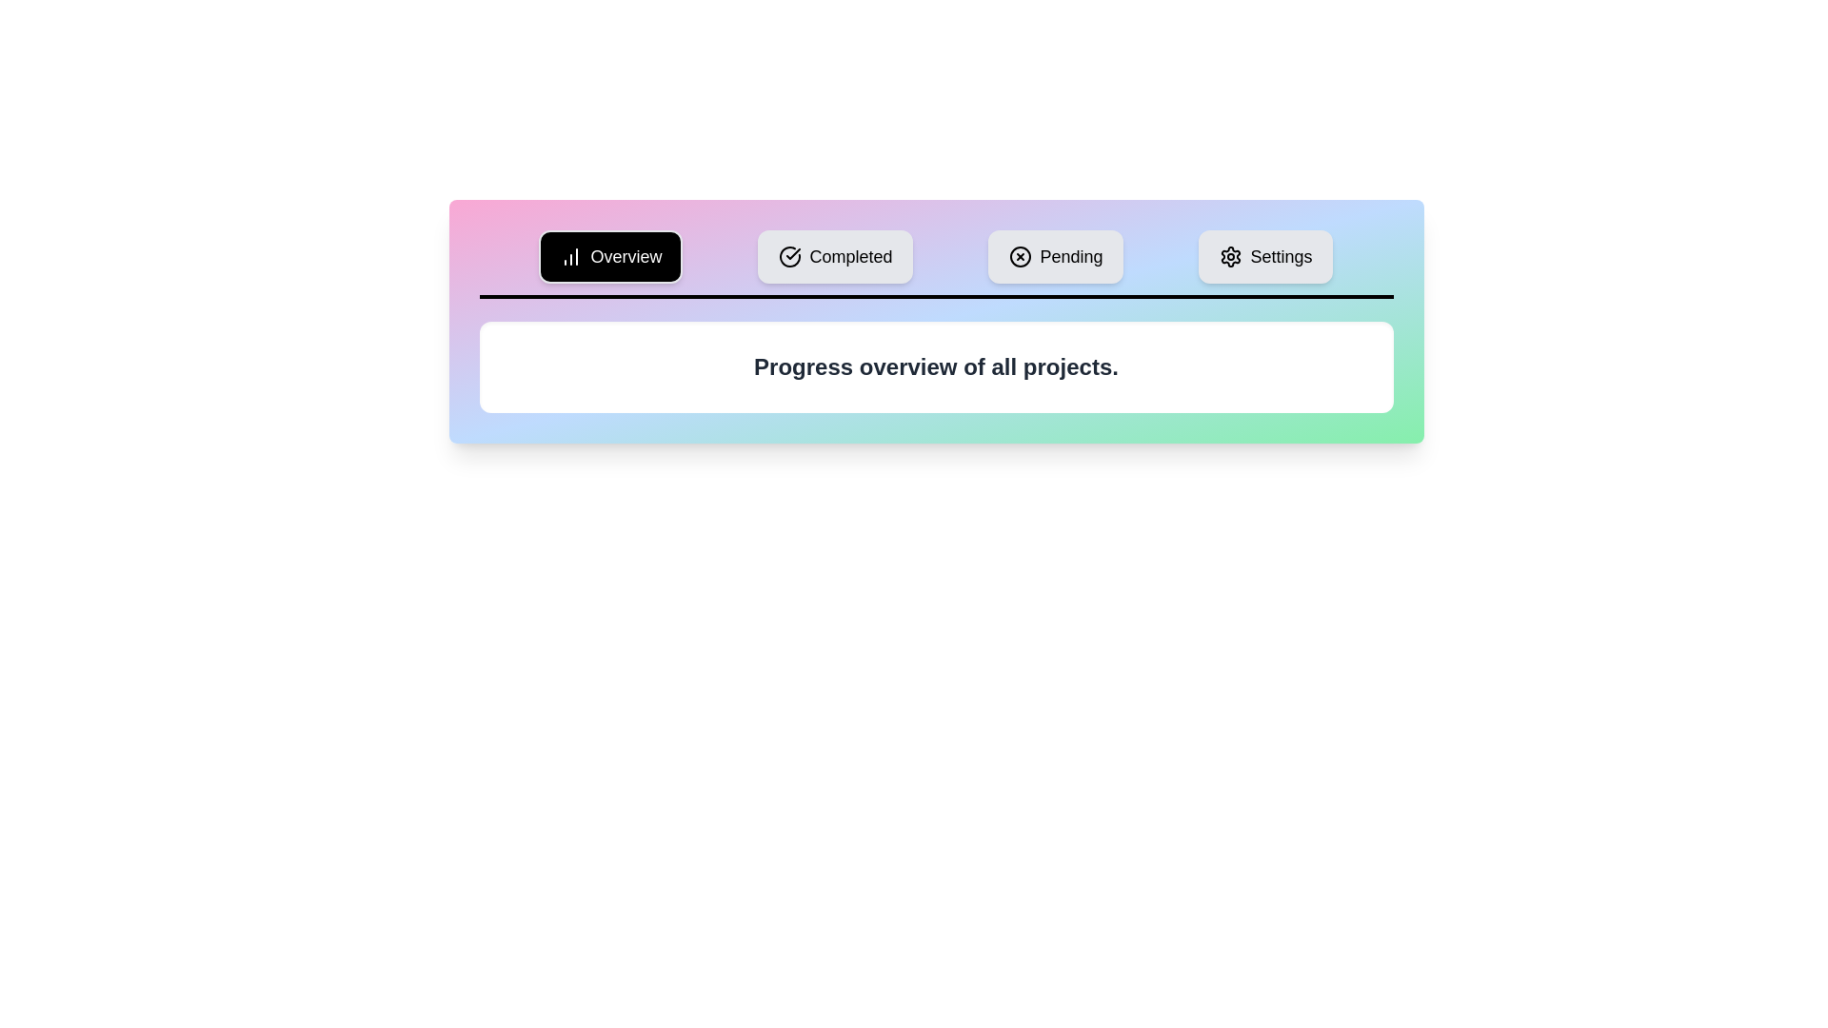 The image size is (1828, 1028). What do you see at coordinates (1055, 257) in the screenshot?
I see `the tab labeled Pending` at bounding box center [1055, 257].